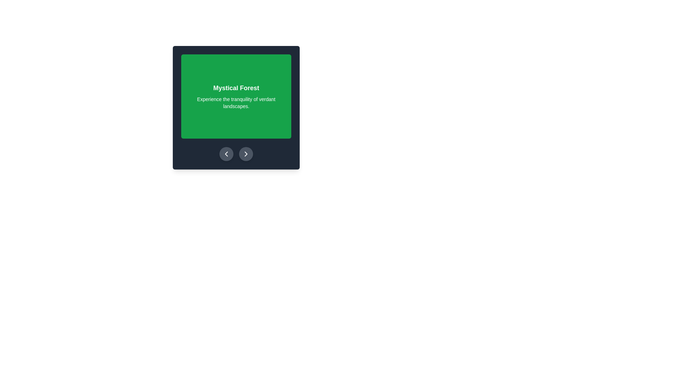 The height and width of the screenshot is (379, 673). Describe the element at coordinates (236, 154) in the screenshot. I see `either button of the Navigation control group featuring left and right chevron icons` at that location.